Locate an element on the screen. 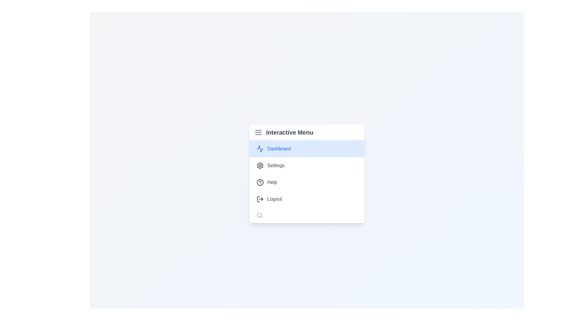 Image resolution: width=575 pixels, height=323 pixels. the logout button located at the bottom of the 'Interactive Menu' component is located at coordinates (307, 199).